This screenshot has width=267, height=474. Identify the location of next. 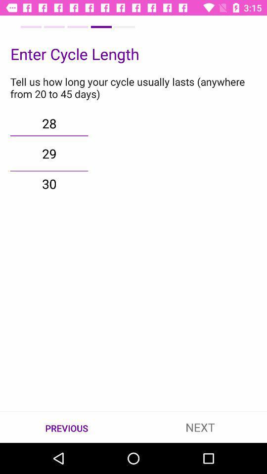
(200, 427).